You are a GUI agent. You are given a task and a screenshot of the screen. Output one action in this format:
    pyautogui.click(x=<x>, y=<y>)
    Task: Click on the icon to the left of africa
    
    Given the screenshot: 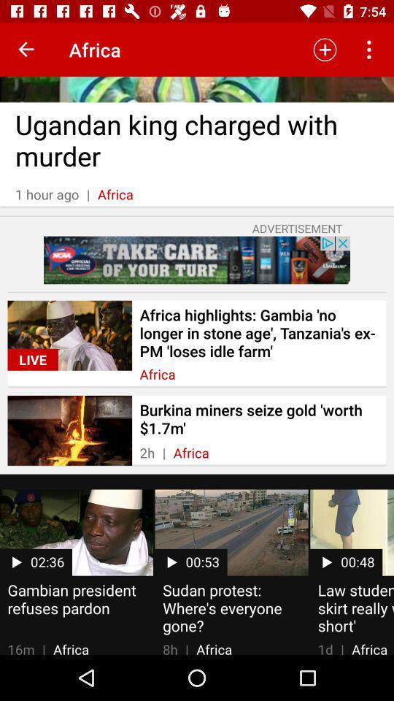 What is the action you would take?
    pyautogui.click(x=26, y=50)
    